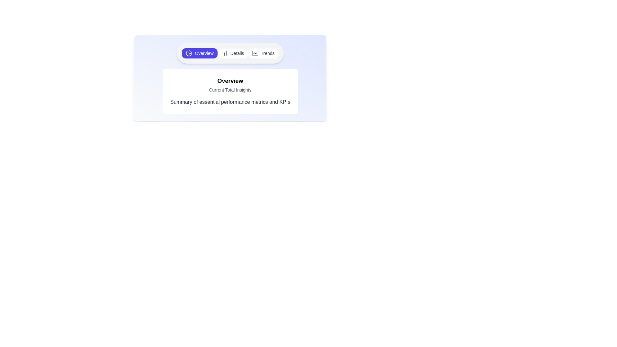  I want to click on the tab corresponding to Overview to bring it into focus, so click(199, 53).